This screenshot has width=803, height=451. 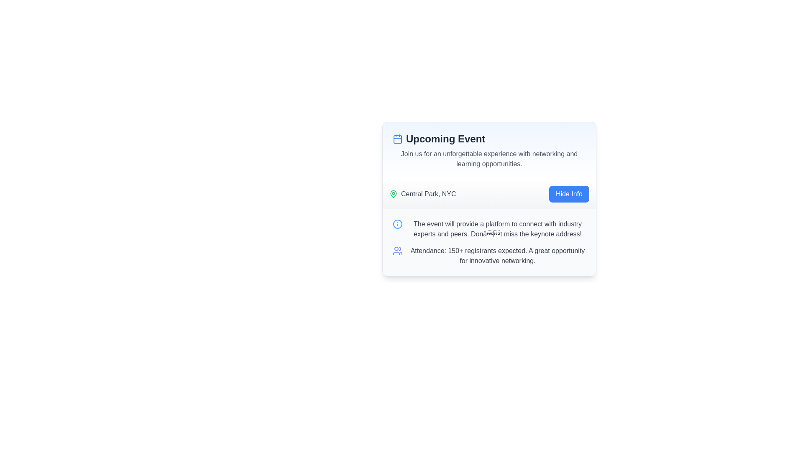 What do you see at coordinates (498, 256) in the screenshot?
I see `information presented in the static text labeled 'Attendance: 150+ registrants expected. A great opportunity for innovative networking.' located in the bottom section of the 'Upcoming Event' interface` at bounding box center [498, 256].